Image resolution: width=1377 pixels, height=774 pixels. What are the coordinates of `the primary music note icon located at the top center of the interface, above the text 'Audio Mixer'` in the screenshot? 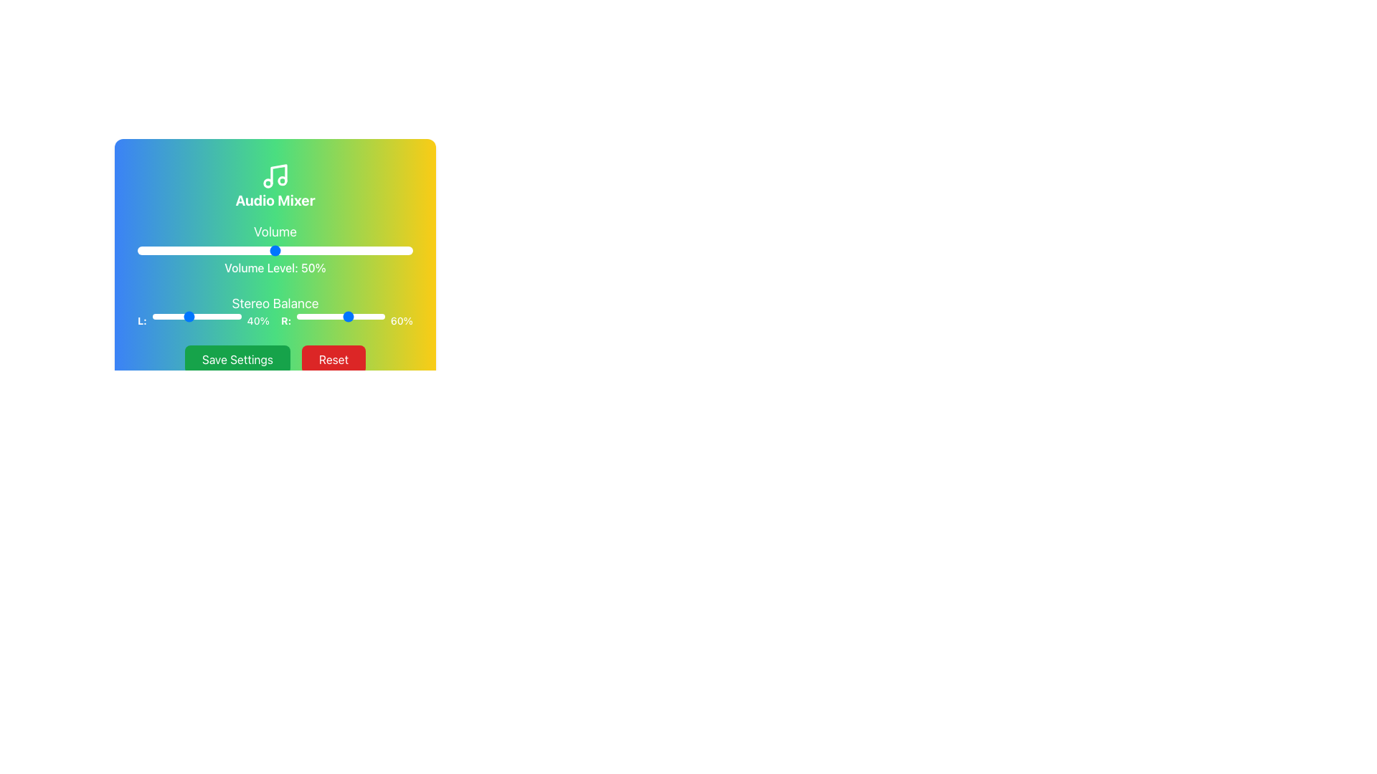 It's located at (275, 176).